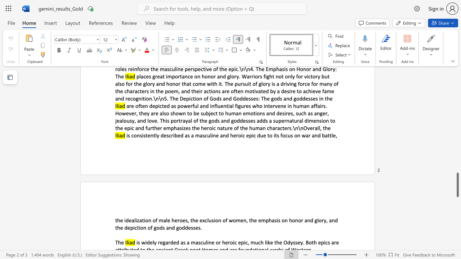  Describe the element at coordinates (457, 112) in the screenshot. I see `the scrollbar on the right` at that location.